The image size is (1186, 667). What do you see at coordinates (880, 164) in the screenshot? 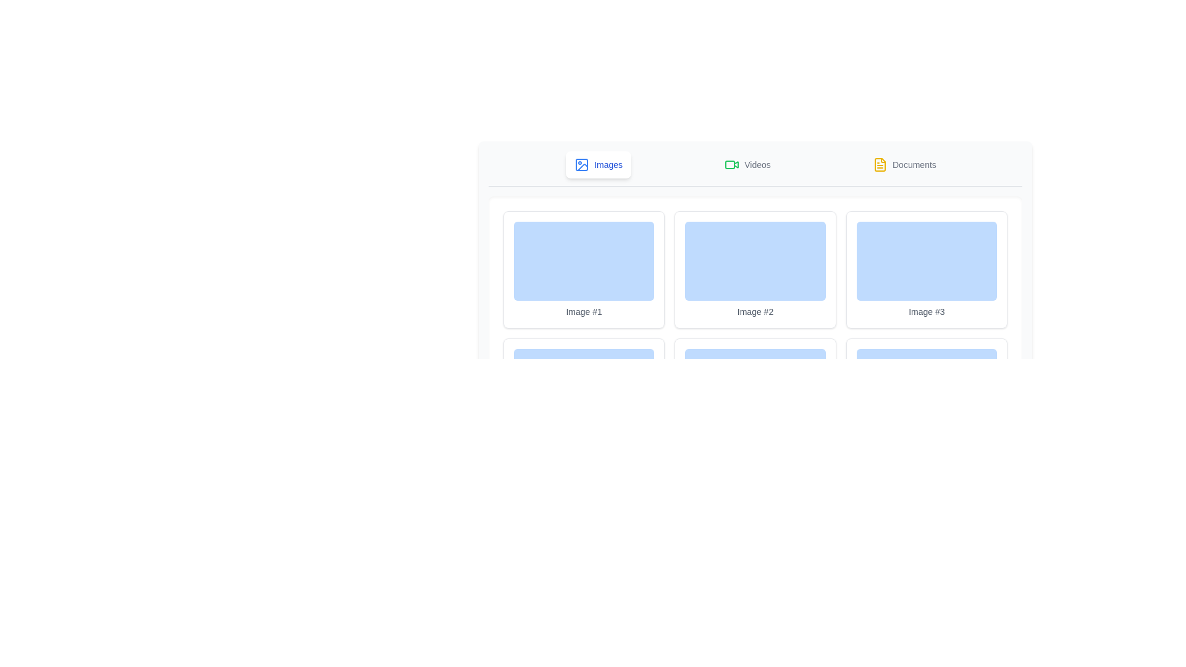
I see `the main outline of the yellow file icon located in the upper-right section of the navigation bar` at bounding box center [880, 164].